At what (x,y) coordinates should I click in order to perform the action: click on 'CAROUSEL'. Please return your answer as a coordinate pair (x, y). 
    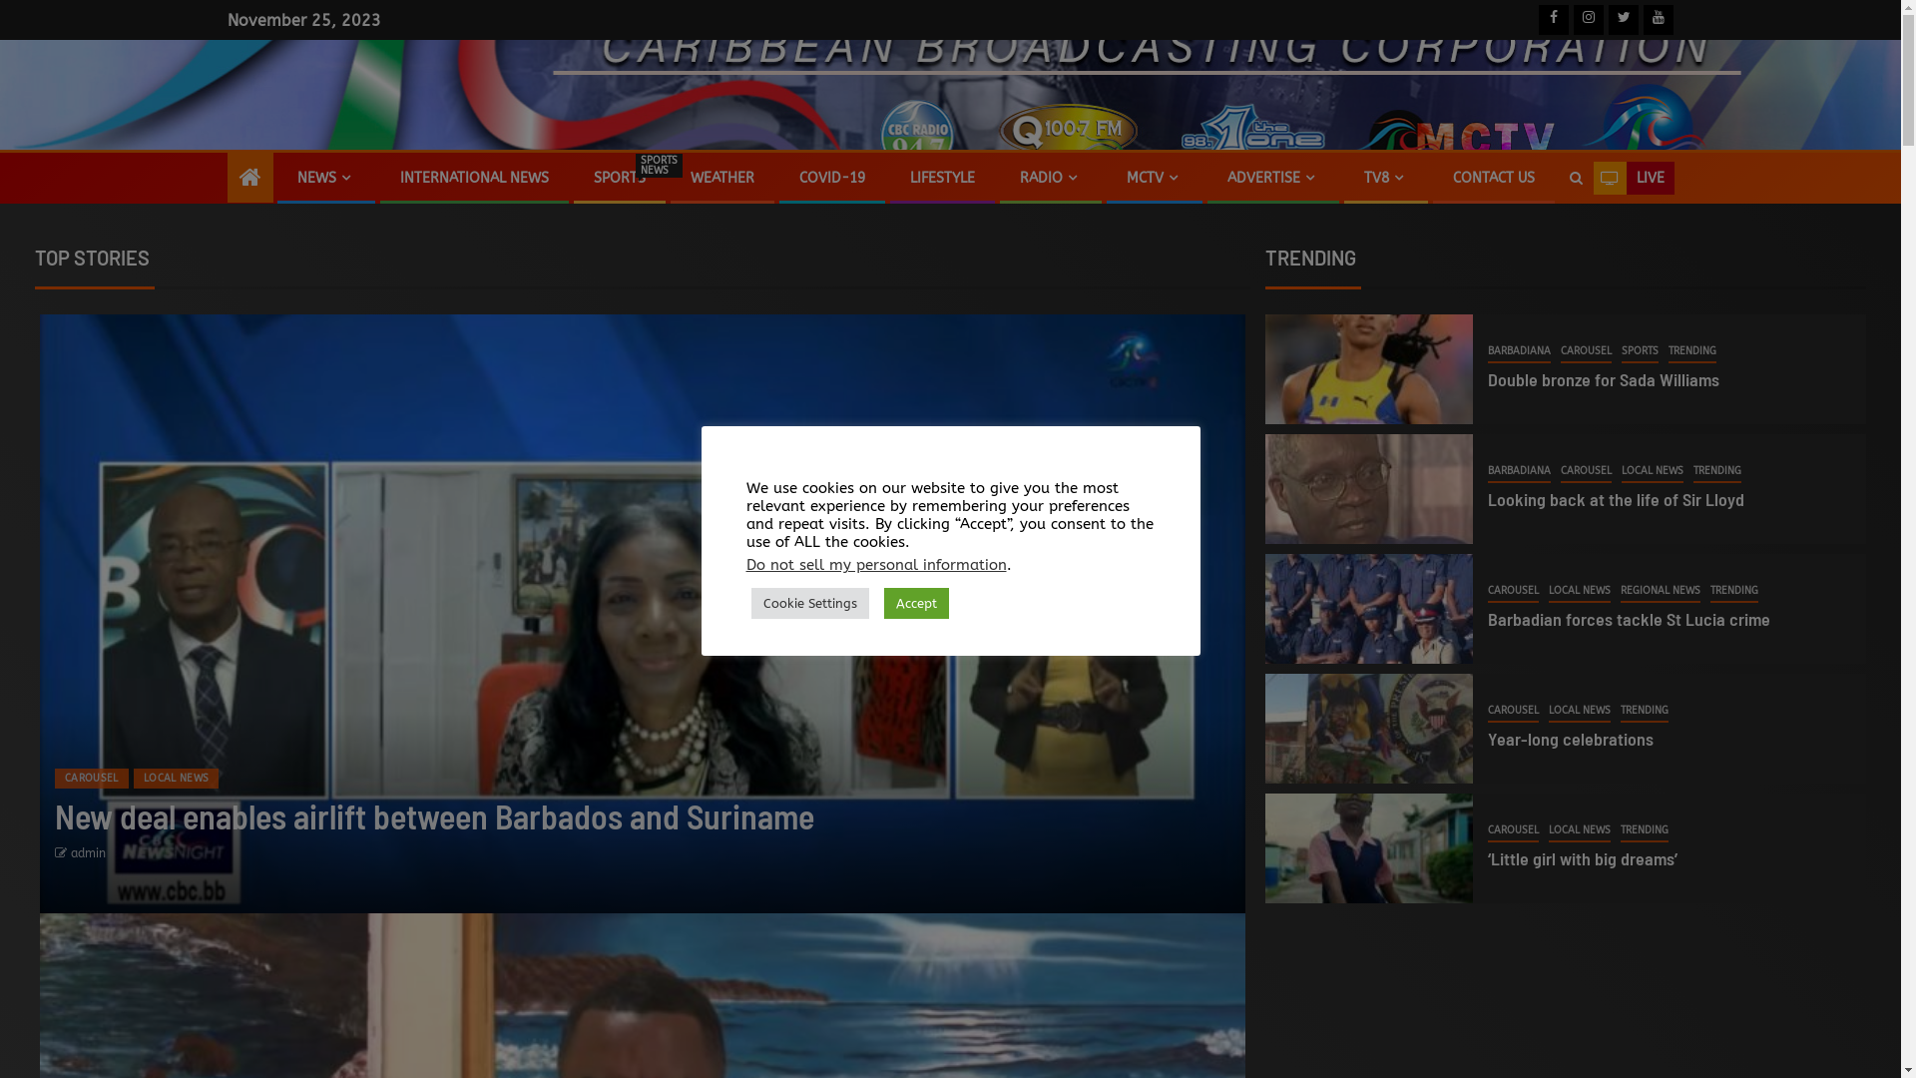
    Looking at the image, I should click on (1585, 472).